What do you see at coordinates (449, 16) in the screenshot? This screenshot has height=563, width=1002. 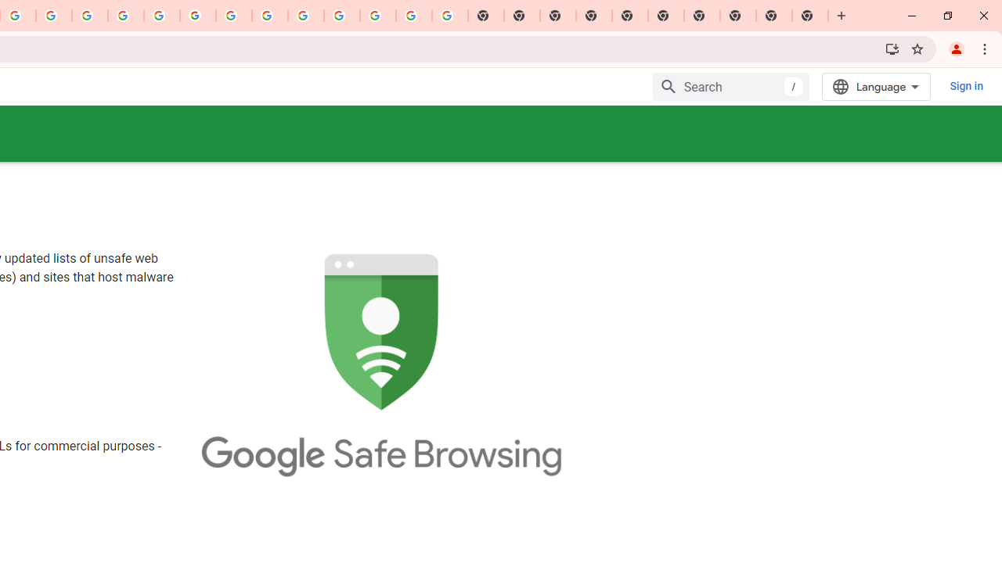 I see `'Google Images'` at bounding box center [449, 16].